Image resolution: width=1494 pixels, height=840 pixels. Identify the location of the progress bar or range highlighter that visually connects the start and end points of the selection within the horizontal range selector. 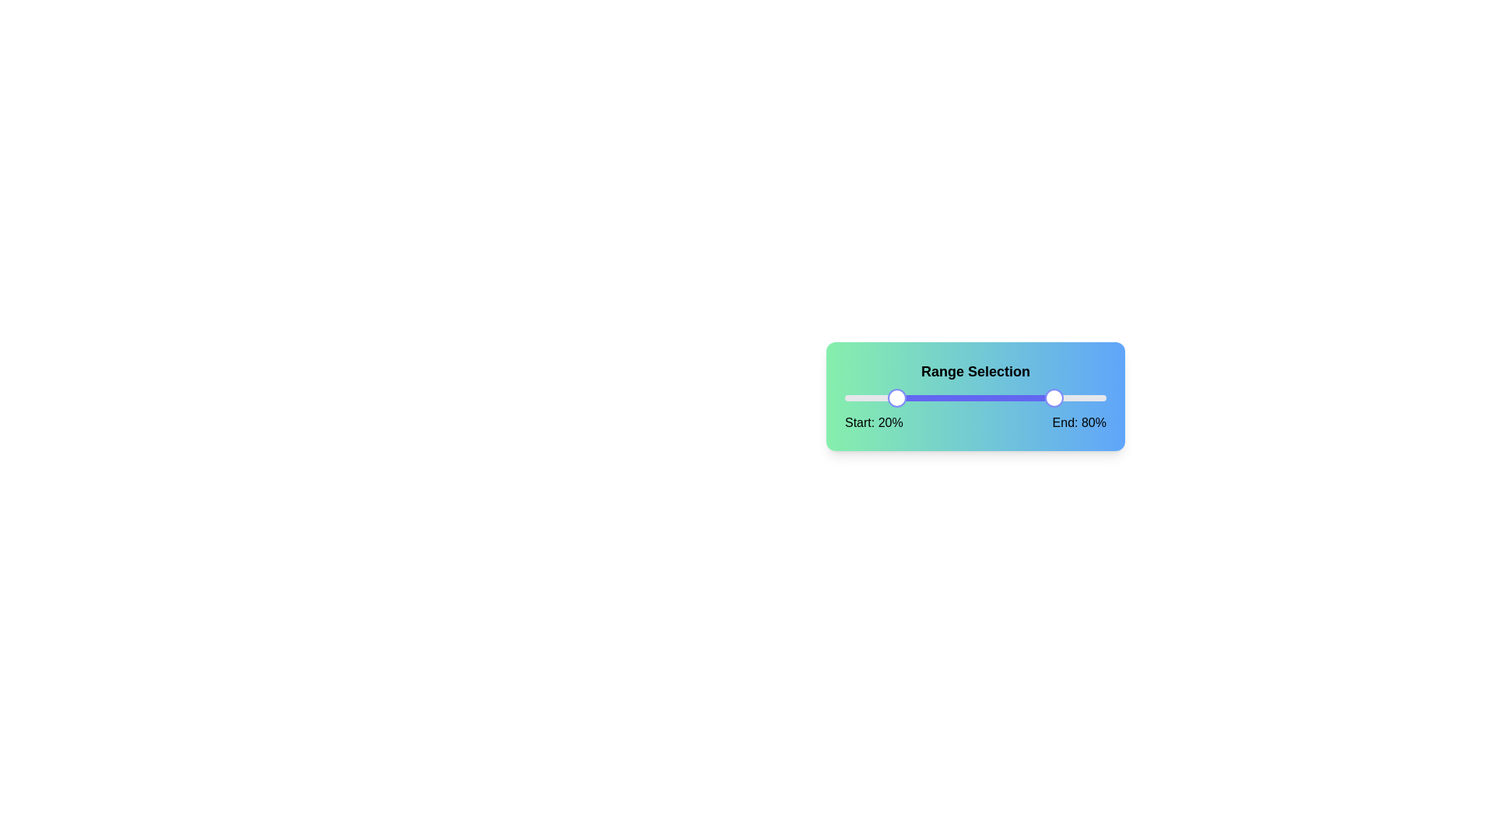
(974, 397).